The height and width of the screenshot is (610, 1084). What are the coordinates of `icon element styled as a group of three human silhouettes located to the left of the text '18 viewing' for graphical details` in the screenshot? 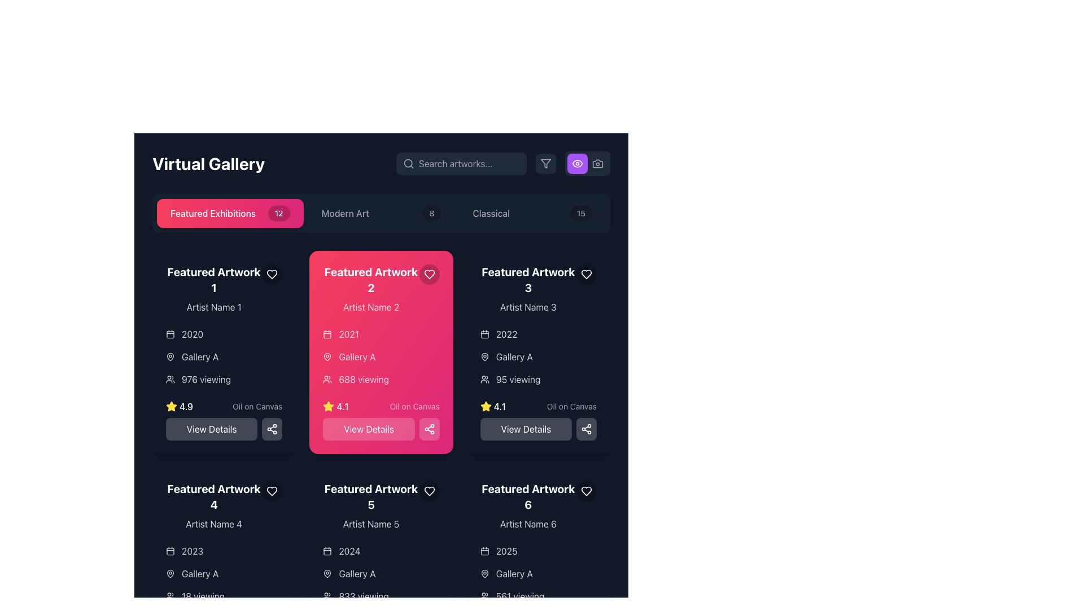 It's located at (170, 596).